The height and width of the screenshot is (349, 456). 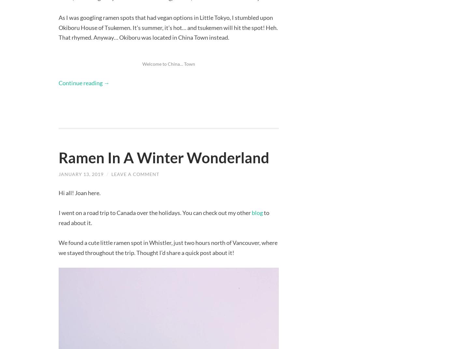 I want to click on '/', so click(x=108, y=173).